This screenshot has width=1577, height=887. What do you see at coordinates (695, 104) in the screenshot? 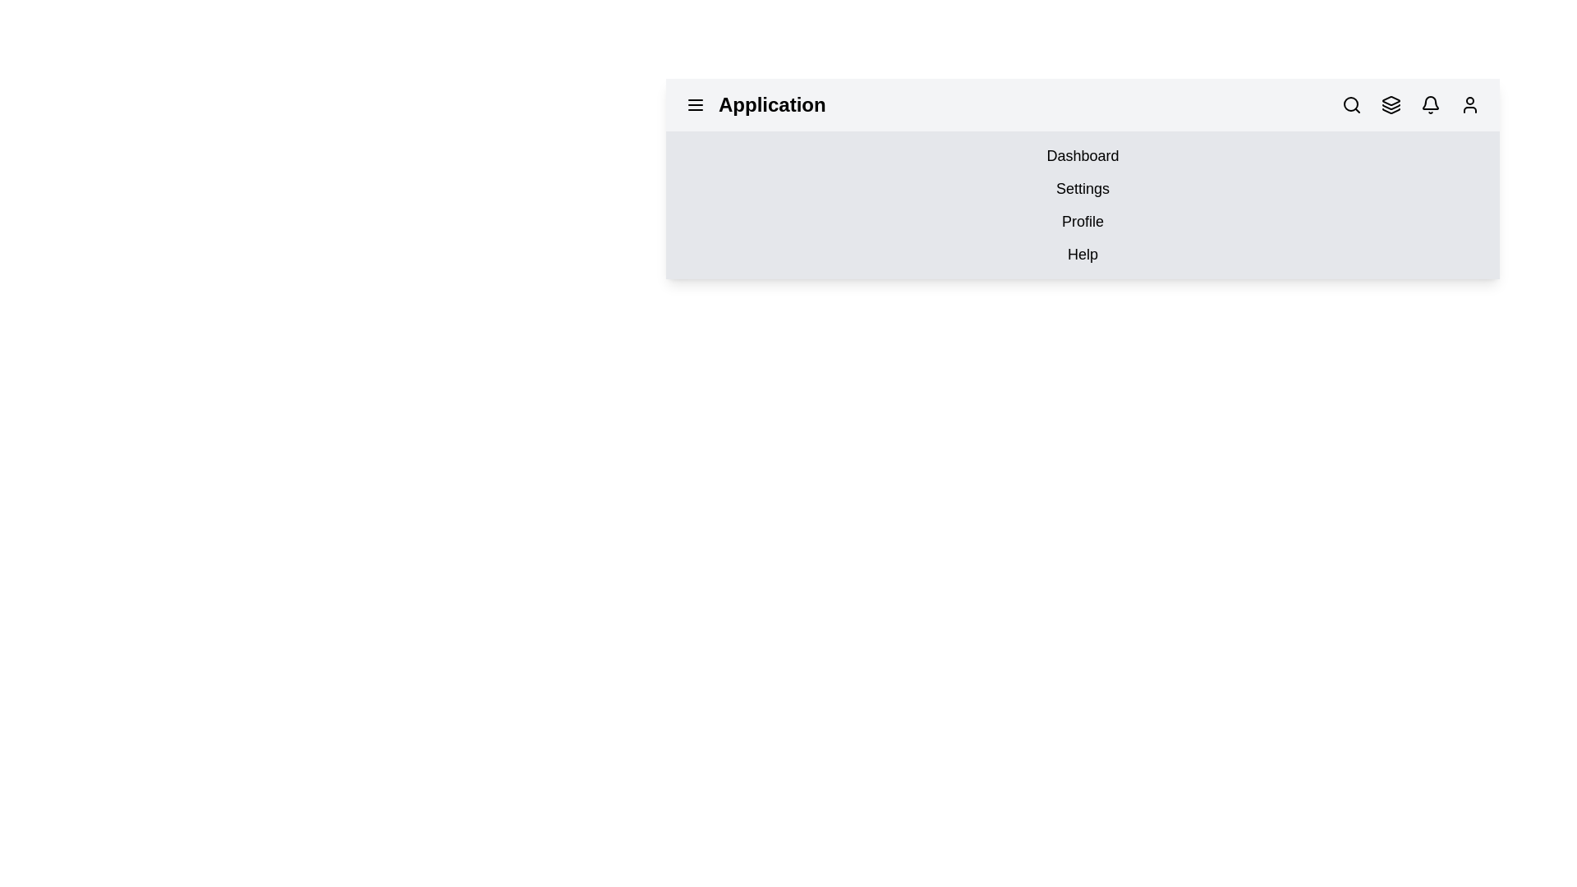
I see `the menu icon to toggle the visibility of the menu` at bounding box center [695, 104].